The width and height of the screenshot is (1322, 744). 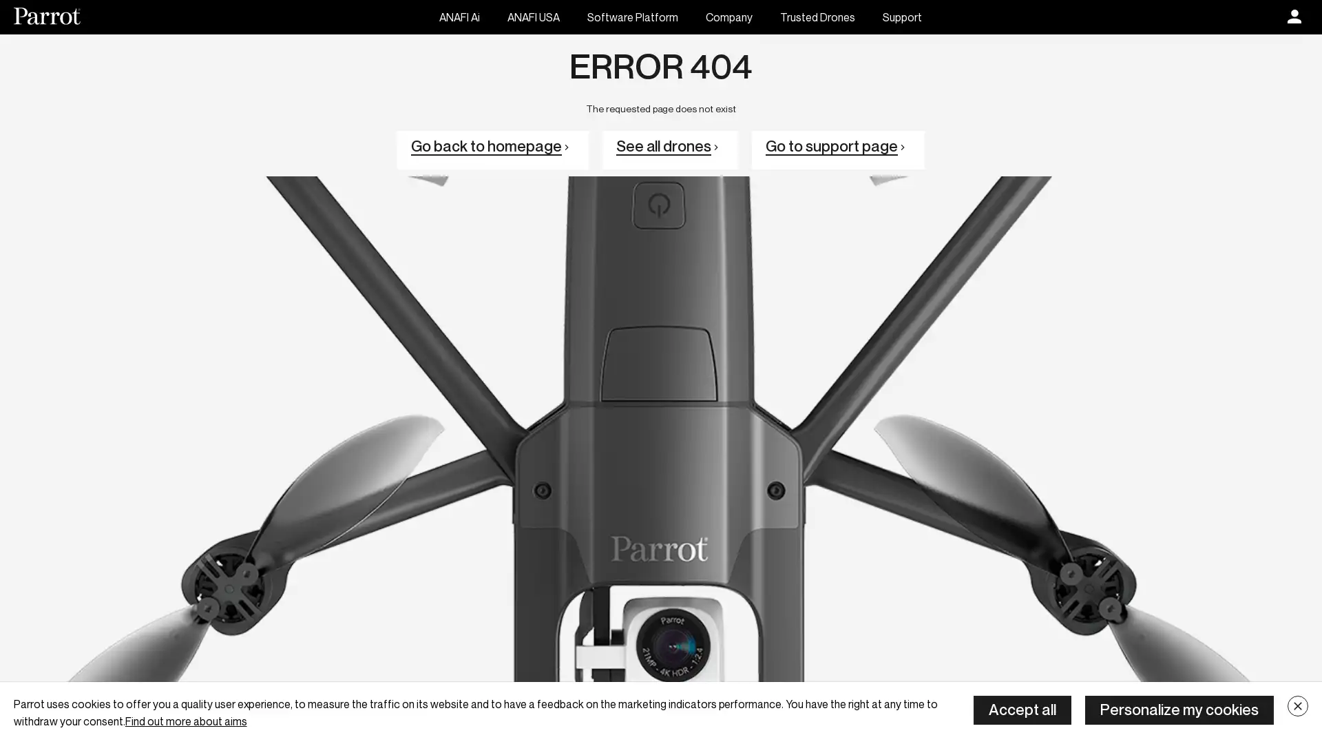 What do you see at coordinates (1297, 706) in the screenshot?
I see `close` at bounding box center [1297, 706].